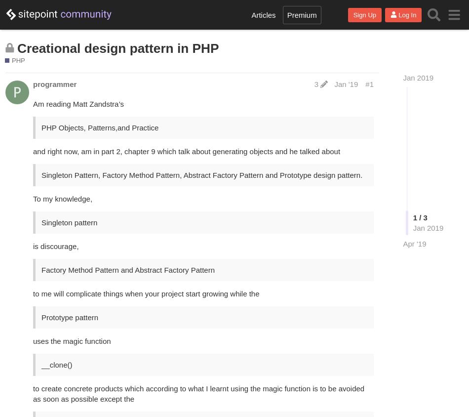 This screenshot has height=417, width=469. What do you see at coordinates (201, 175) in the screenshot?
I see `'Singleton Pattern, Factory Method Pattern, Abstract Factory Pattern and Prototype design pattern.'` at bounding box center [201, 175].